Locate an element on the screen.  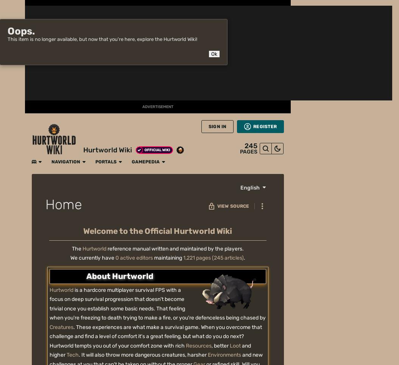
'The' is located at coordinates (145, 45).